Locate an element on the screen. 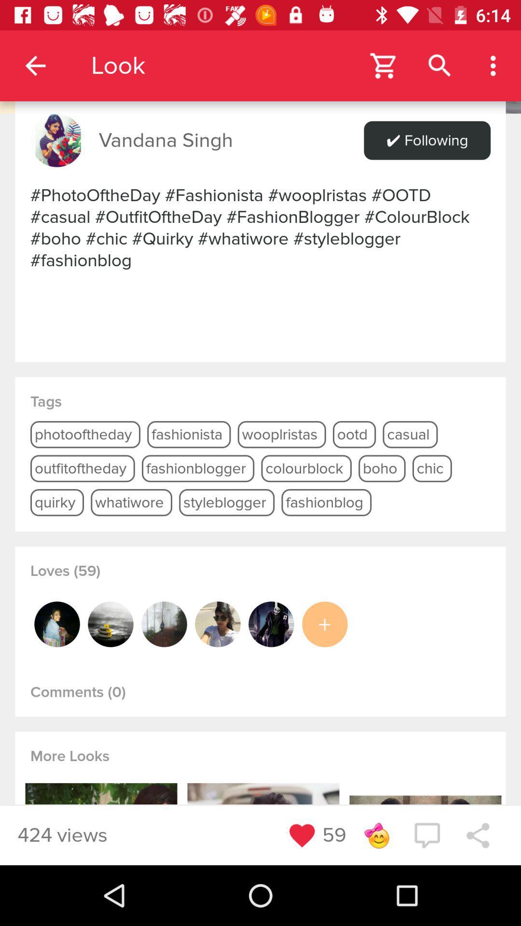 The height and width of the screenshot is (926, 521). followers is located at coordinates (110, 624).